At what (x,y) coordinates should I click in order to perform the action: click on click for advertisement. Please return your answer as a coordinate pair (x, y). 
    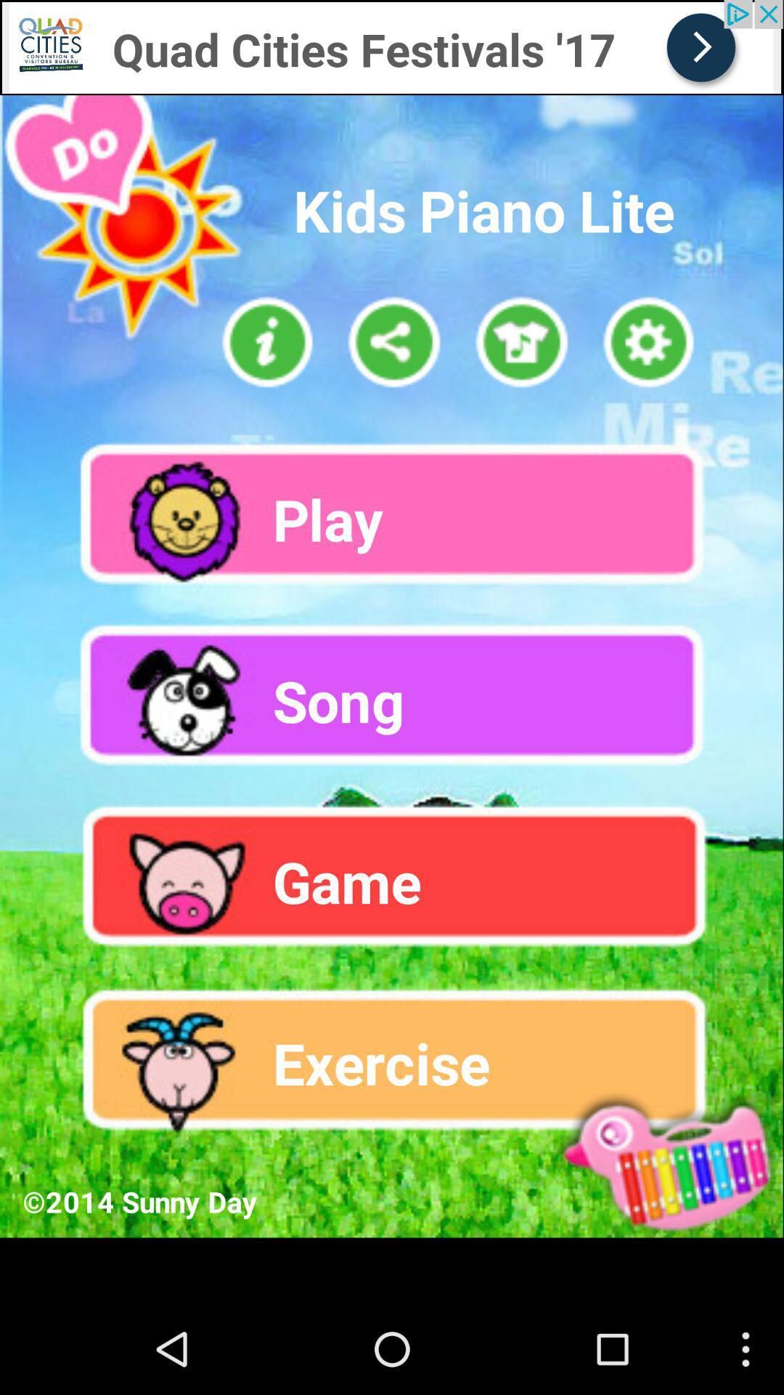
    Looking at the image, I should click on (111, 13).